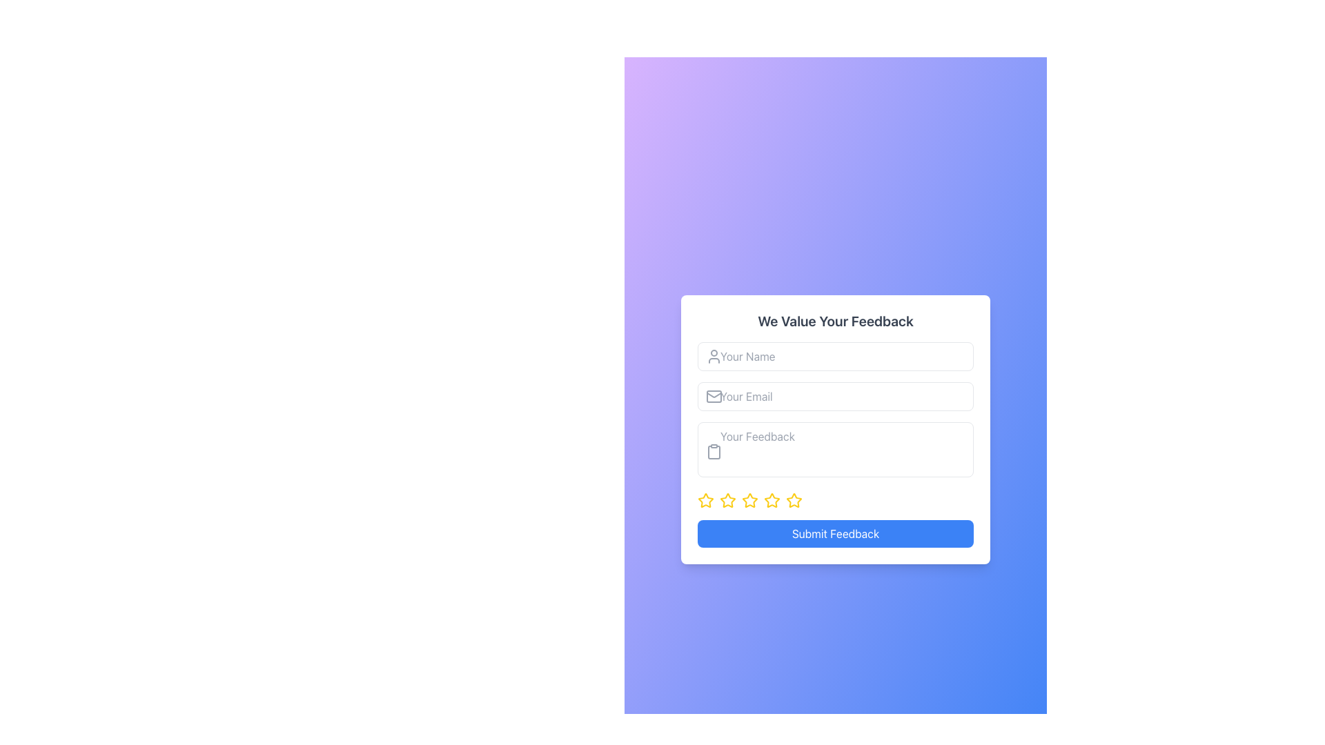 Image resolution: width=1325 pixels, height=745 pixels. I want to click on the envelope icon adjacent to the email input field within the feedback form, which is styled with a thin black outline and represents email functionality, so click(714, 396).